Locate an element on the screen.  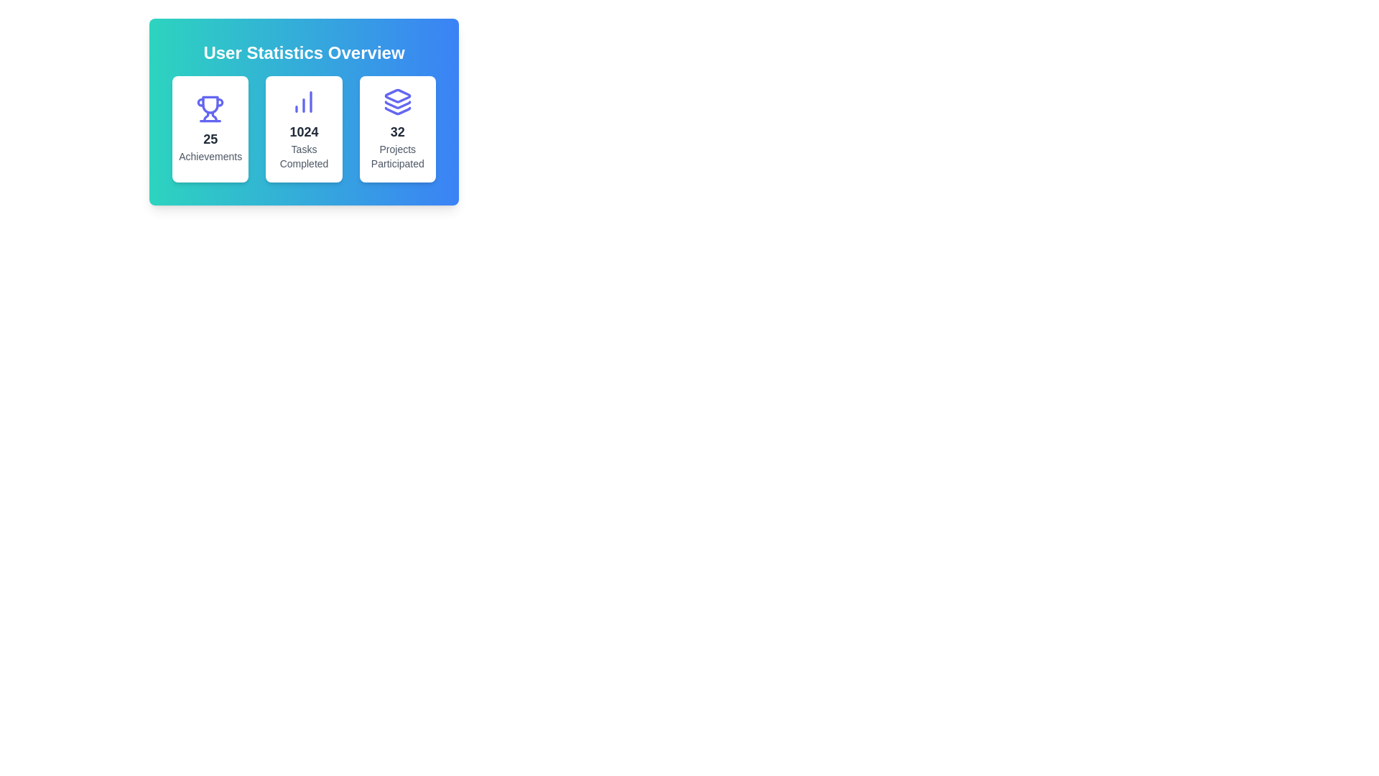
the bold numeric text '25' displayed in dark-gray color, which is centrally positioned below a trophy icon and above the text 'Achievements' is located at coordinates (210, 139).